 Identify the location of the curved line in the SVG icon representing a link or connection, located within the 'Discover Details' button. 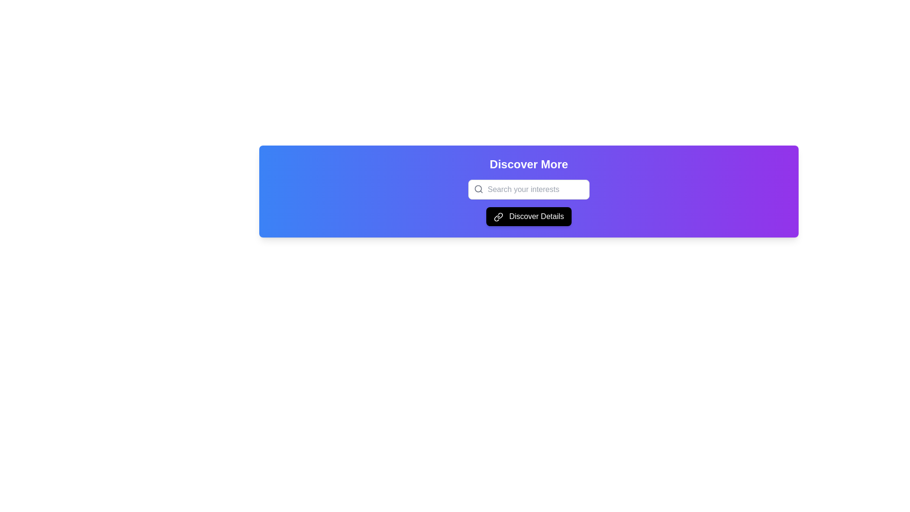
(500, 215).